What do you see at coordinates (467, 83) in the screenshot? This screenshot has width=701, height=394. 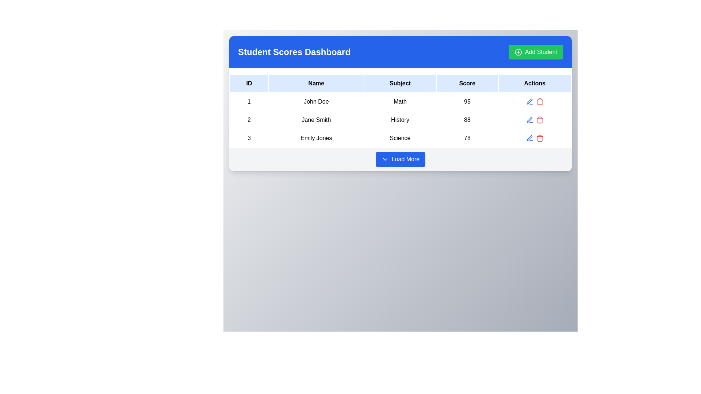 I see `the text label in the fourth column header of the table that indicates the scores for respective entries` at bounding box center [467, 83].